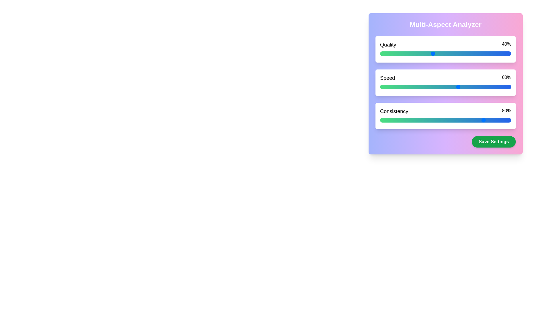 The height and width of the screenshot is (310, 552). What do you see at coordinates (422, 87) in the screenshot?
I see `the speed value` at bounding box center [422, 87].